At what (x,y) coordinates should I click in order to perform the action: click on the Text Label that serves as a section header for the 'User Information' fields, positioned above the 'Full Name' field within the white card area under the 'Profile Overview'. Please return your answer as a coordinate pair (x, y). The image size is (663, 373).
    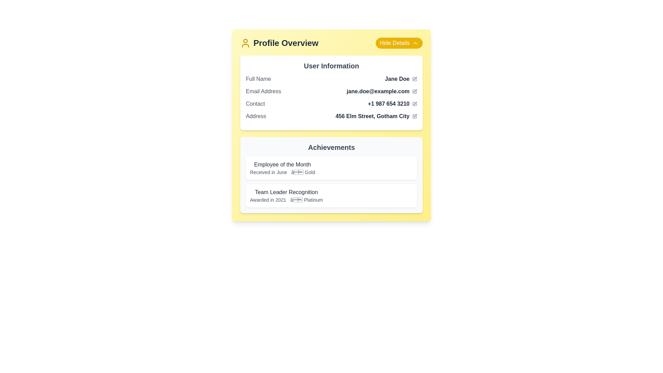
    Looking at the image, I should click on (331, 66).